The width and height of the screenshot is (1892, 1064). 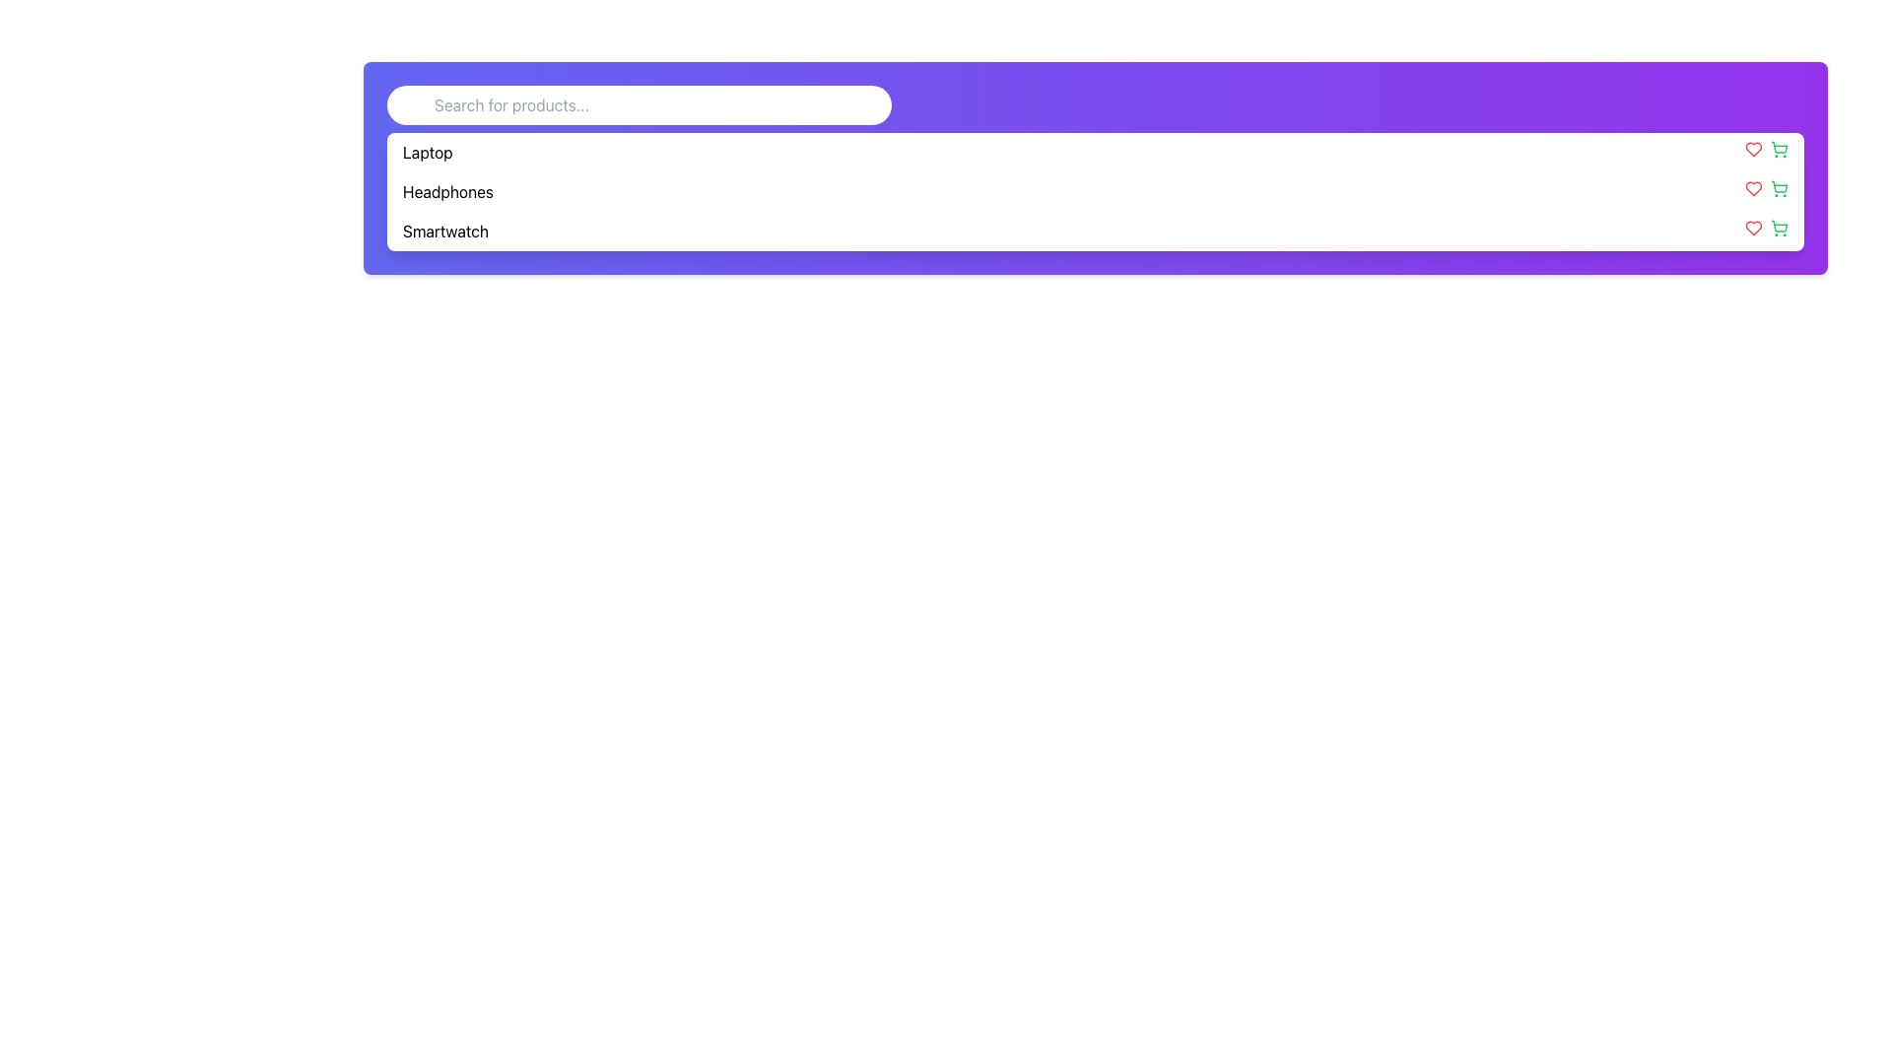 I want to click on the shopping cart icon, which is the second icon in a group of icons positioned to the right of a list item's row, so click(x=1779, y=189).